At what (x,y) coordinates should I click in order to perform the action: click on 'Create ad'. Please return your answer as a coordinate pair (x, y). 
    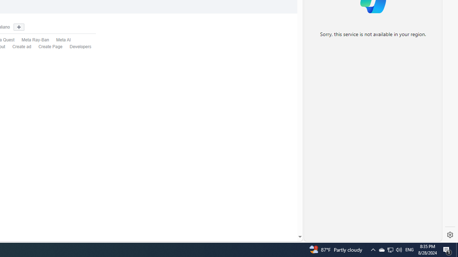
    Looking at the image, I should click on (18, 47).